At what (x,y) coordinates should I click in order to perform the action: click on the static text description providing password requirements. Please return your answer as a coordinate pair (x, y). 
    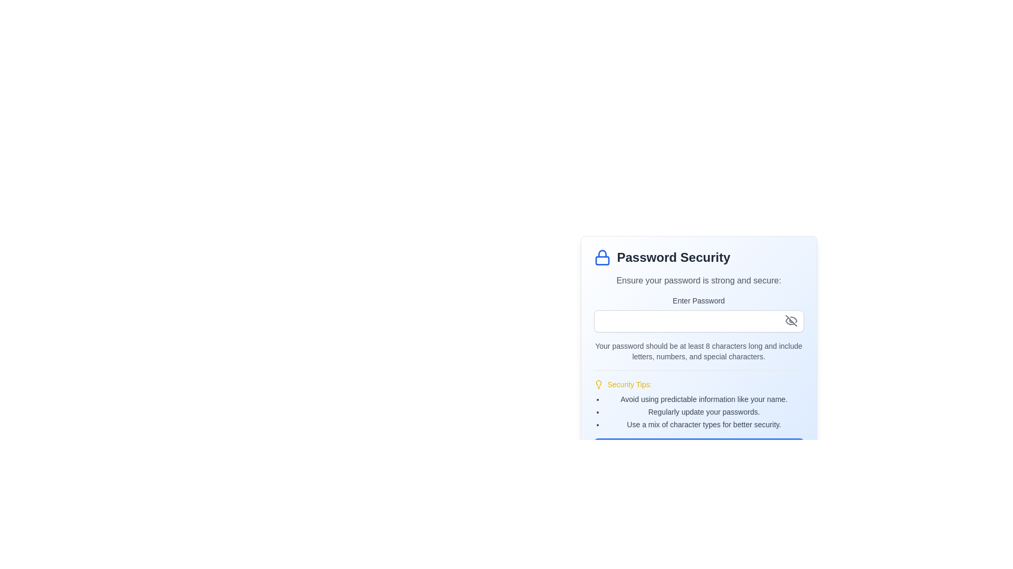
    Looking at the image, I should click on (699, 351).